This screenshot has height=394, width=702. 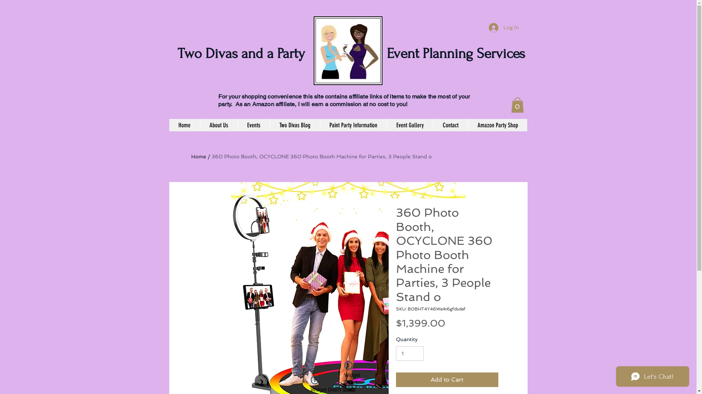 What do you see at coordinates (198, 156) in the screenshot?
I see `'Home'` at bounding box center [198, 156].